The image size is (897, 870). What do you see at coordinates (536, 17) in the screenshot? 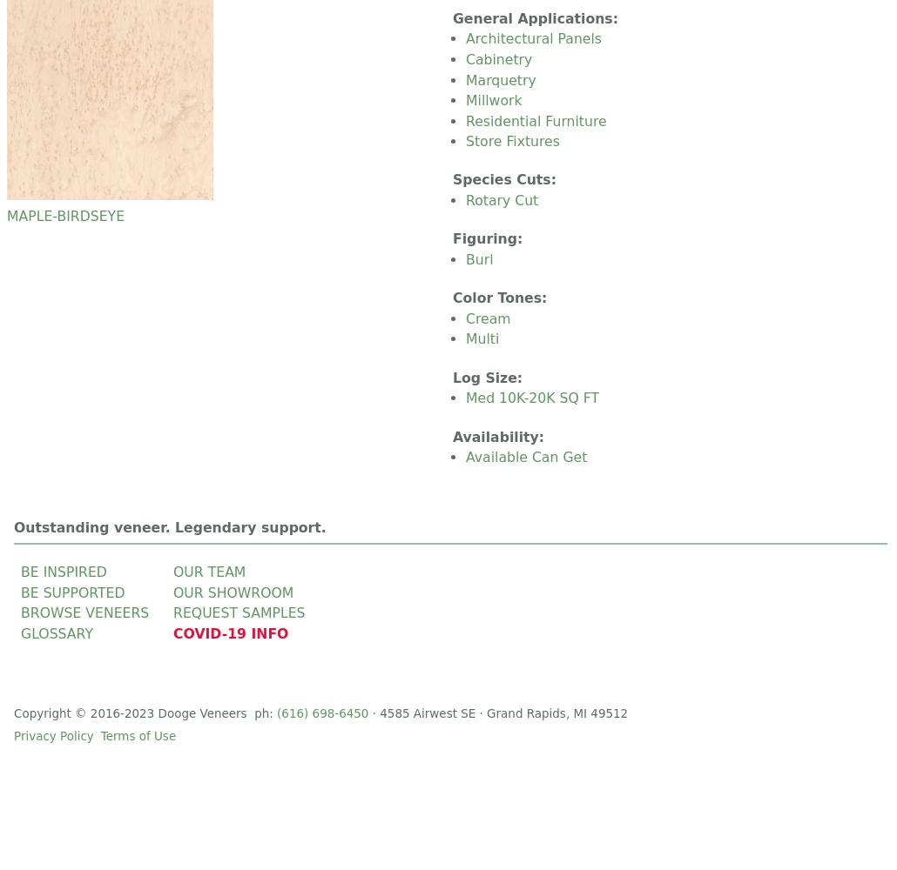
I see `'General Applications:'` at bounding box center [536, 17].